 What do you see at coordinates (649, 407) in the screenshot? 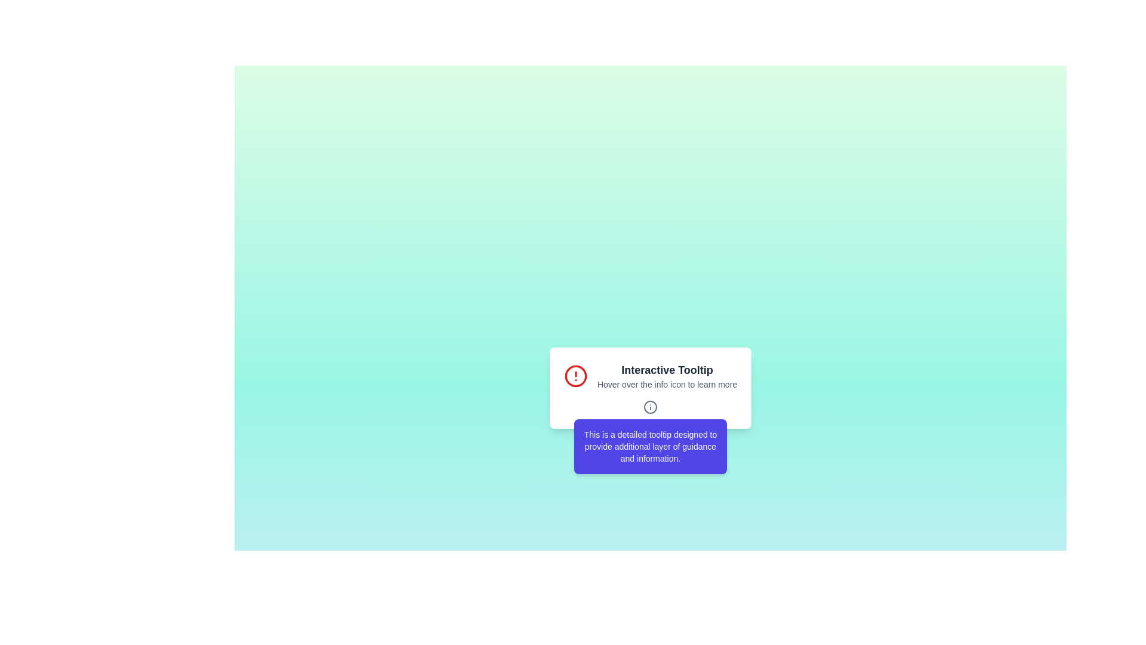
I see `the subtle circular icon with a fine border located in the informational tooltip under the title 'Interactive Tooltip'` at bounding box center [649, 407].